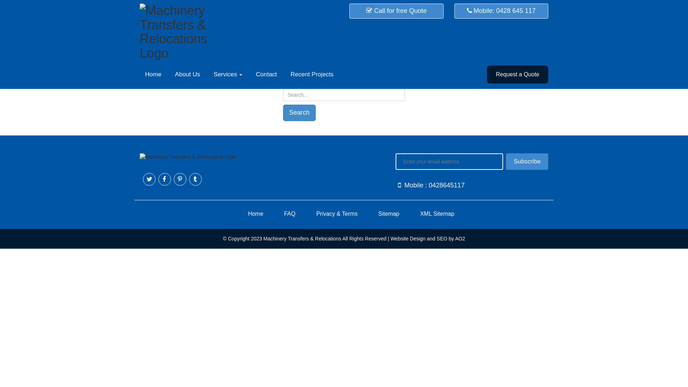 This screenshot has width=688, height=387. What do you see at coordinates (396, 11) in the screenshot?
I see `'Call for free Quote'` at bounding box center [396, 11].